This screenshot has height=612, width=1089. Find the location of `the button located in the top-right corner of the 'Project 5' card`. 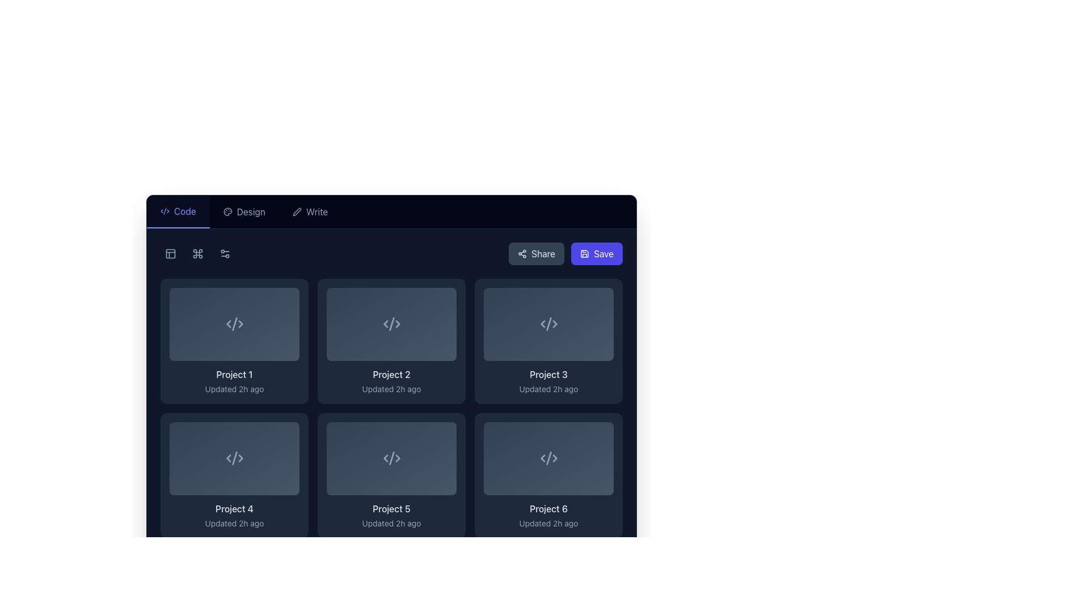

the button located in the top-right corner of the 'Project 5' card is located at coordinates (454, 424).